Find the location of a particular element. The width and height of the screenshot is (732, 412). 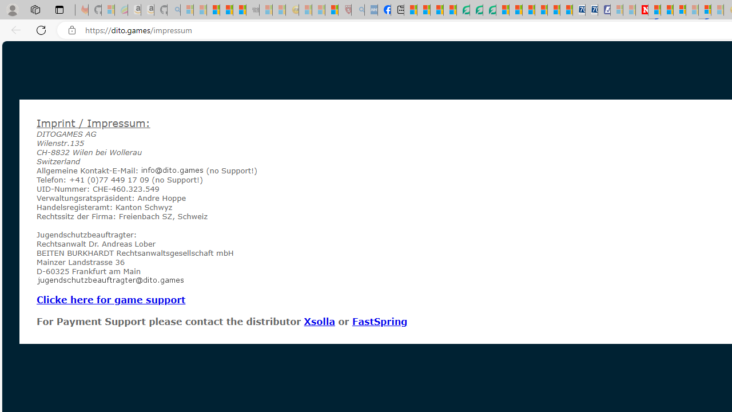

'World - MSN' is located at coordinates (436, 10).